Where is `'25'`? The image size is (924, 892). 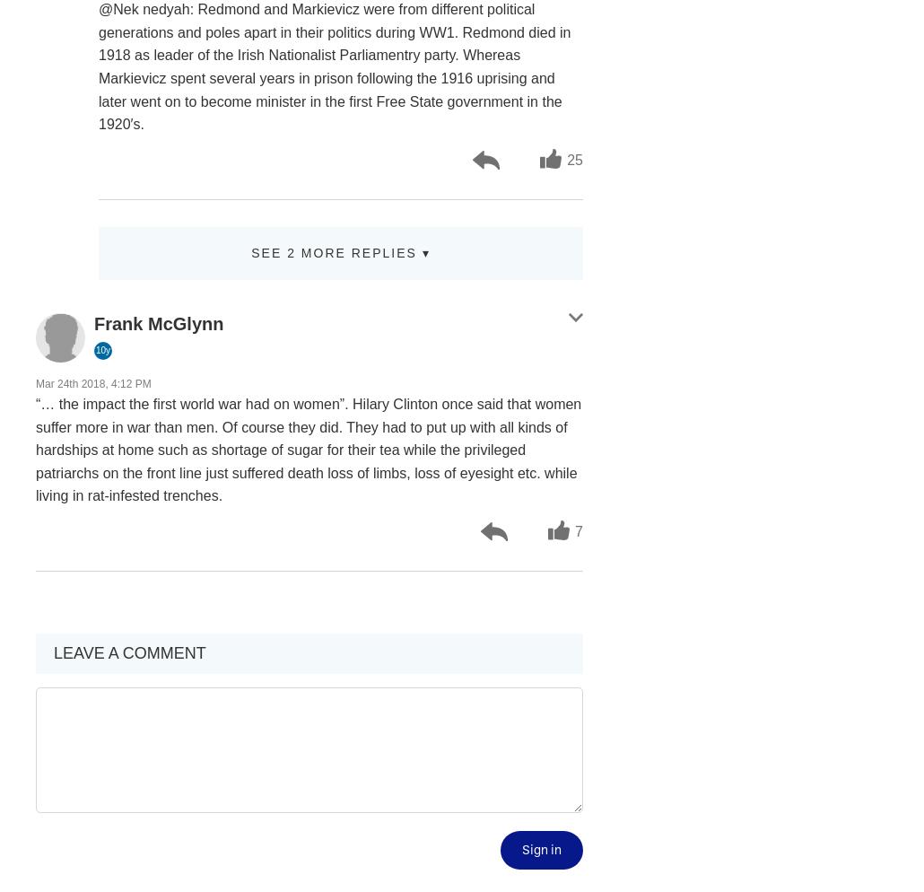 '25' is located at coordinates (573, 159).